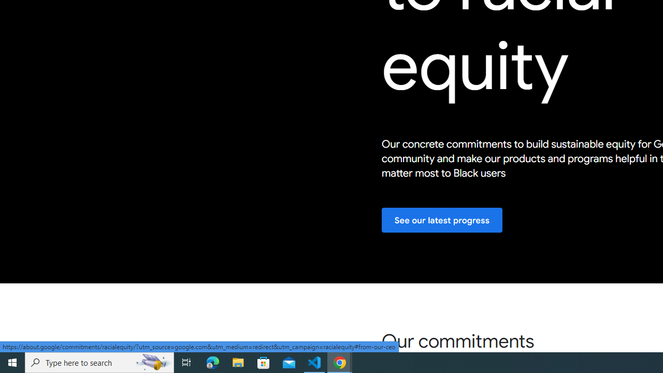 The width and height of the screenshot is (663, 373). I want to click on 'See our latest progress', so click(442, 220).